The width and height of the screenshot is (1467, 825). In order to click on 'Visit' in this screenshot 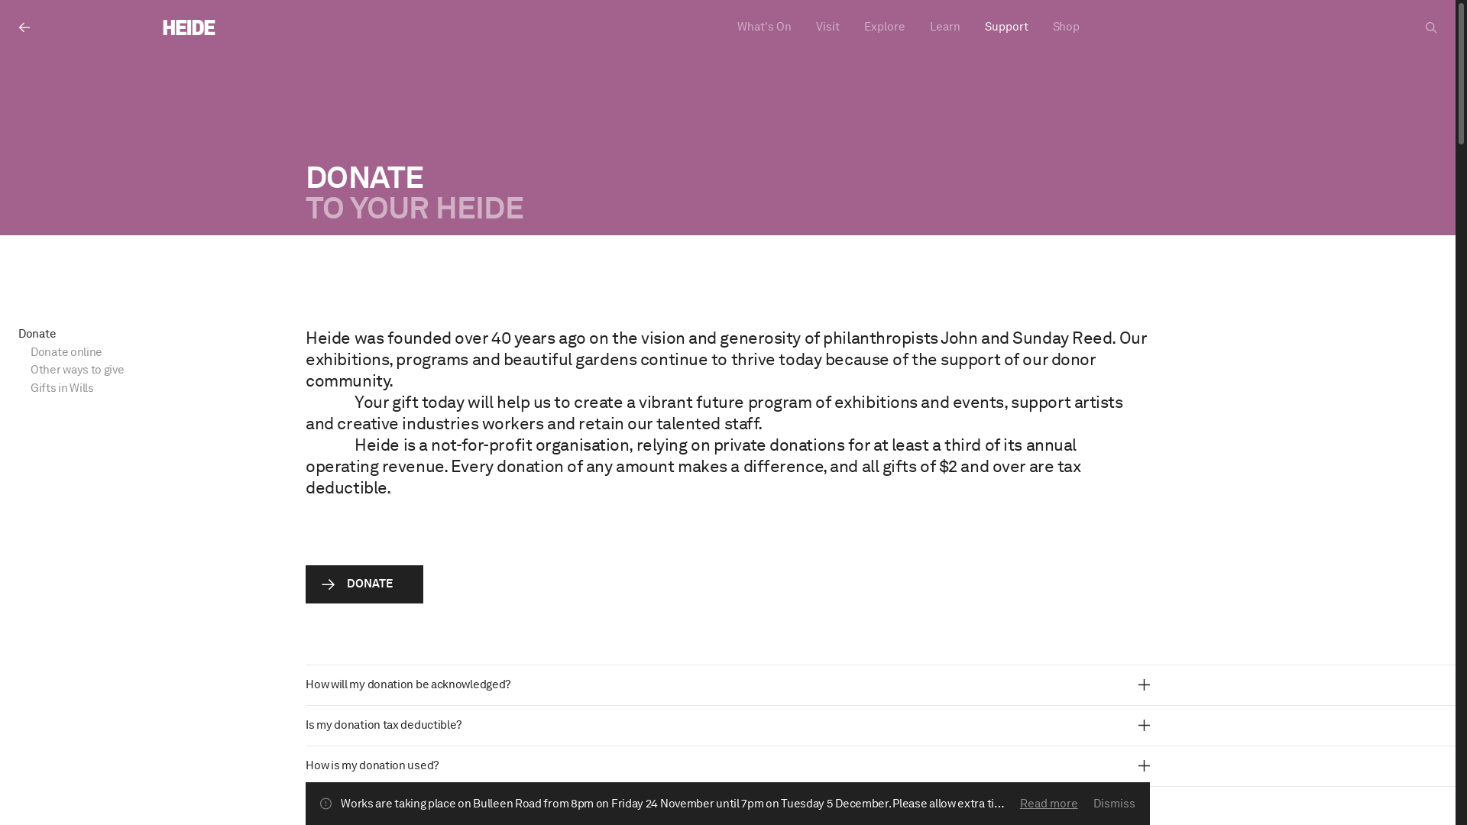, I will do `click(827, 27)`.